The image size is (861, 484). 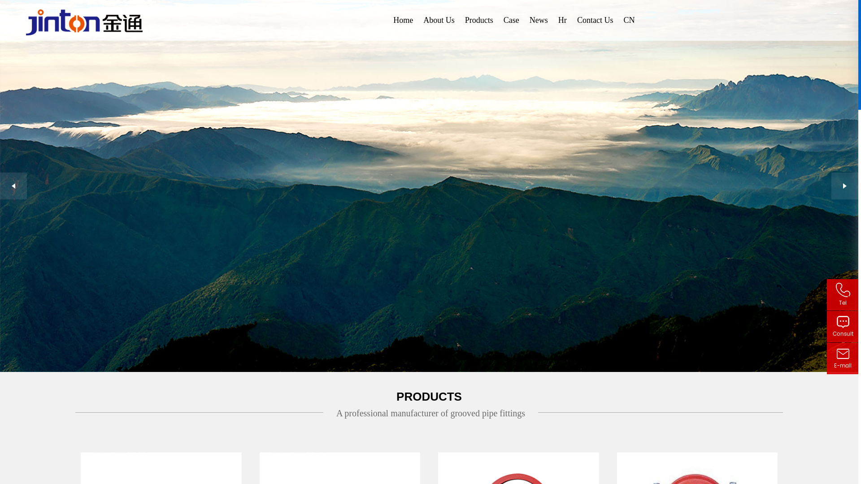 I want to click on 'About Us', so click(x=439, y=20).